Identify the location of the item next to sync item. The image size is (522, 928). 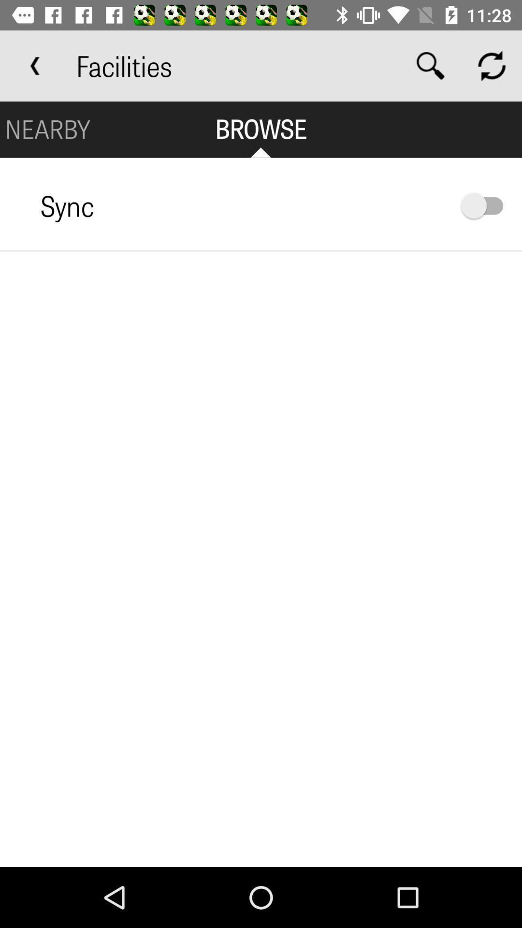
(487, 205).